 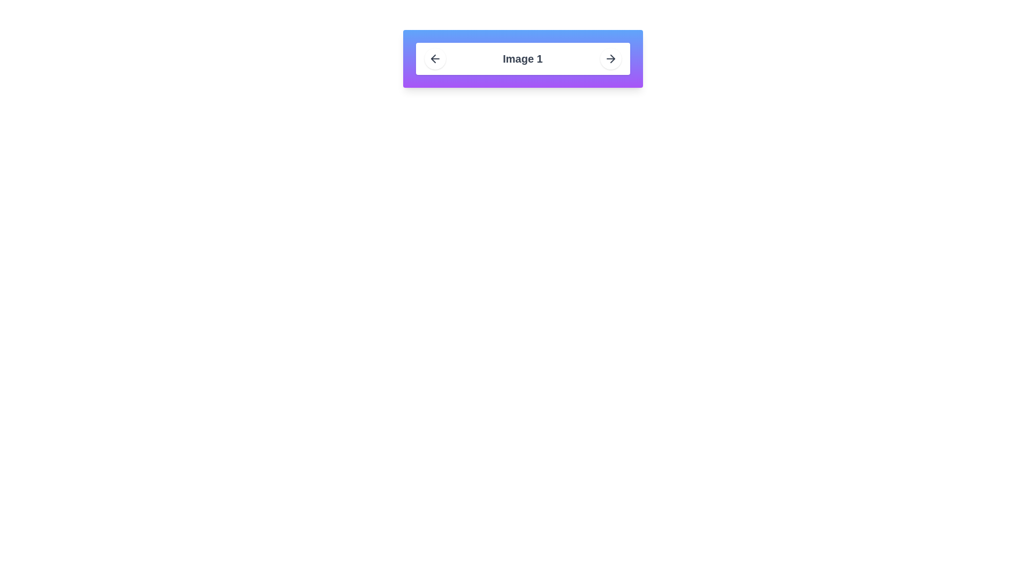 What do you see at coordinates (612, 59) in the screenshot?
I see `the right-pointing arrow icon within the SVG structure located on the far right of the horizontal navigation bar, adjacent to the text label 'Image 1'` at bounding box center [612, 59].